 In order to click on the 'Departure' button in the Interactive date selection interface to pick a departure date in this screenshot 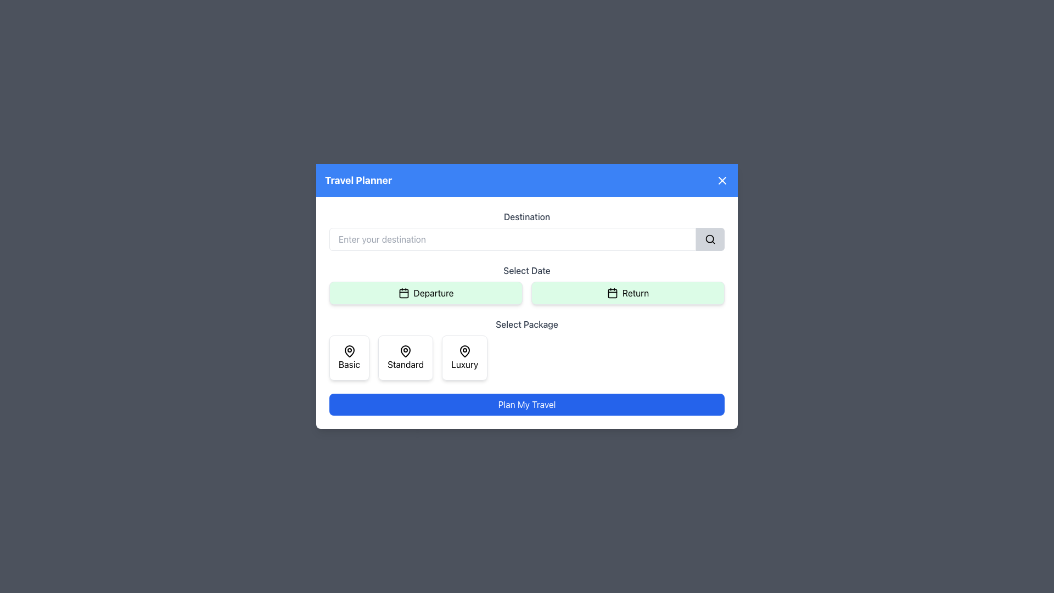, I will do `click(527, 283)`.